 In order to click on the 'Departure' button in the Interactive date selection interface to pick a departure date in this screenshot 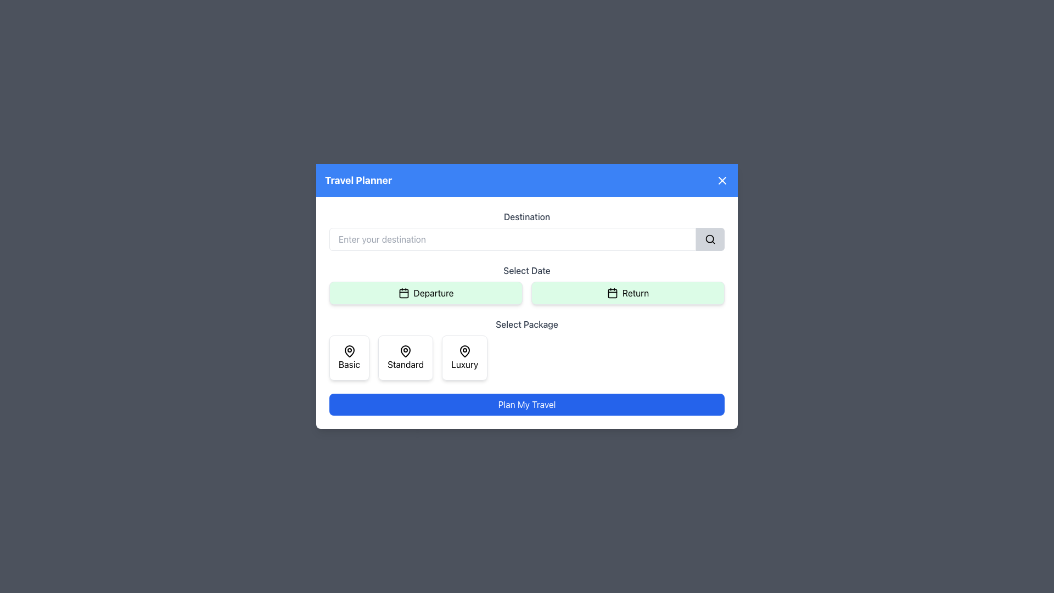, I will do `click(527, 283)`.